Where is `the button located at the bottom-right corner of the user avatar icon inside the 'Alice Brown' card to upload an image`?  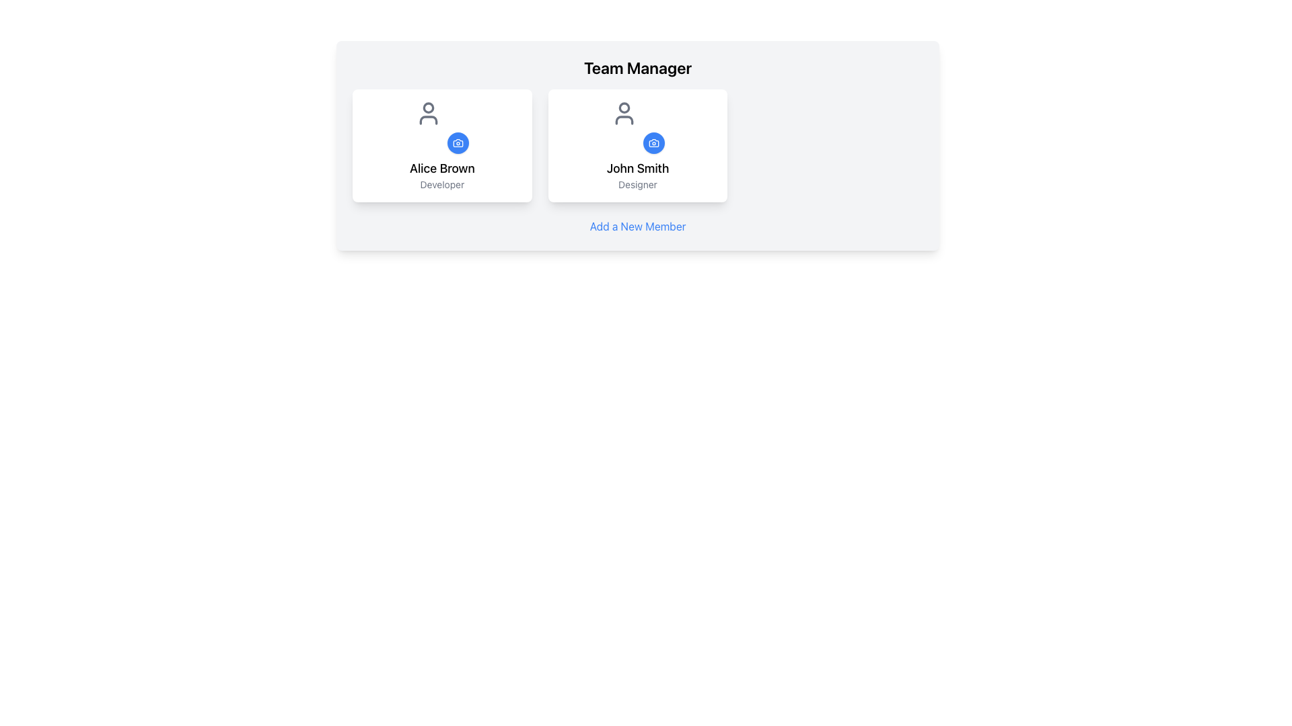
the button located at the bottom-right corner of the user avatar icon inside the 'Alice Brown' card to upload an image is located at coordinates (442, 127).